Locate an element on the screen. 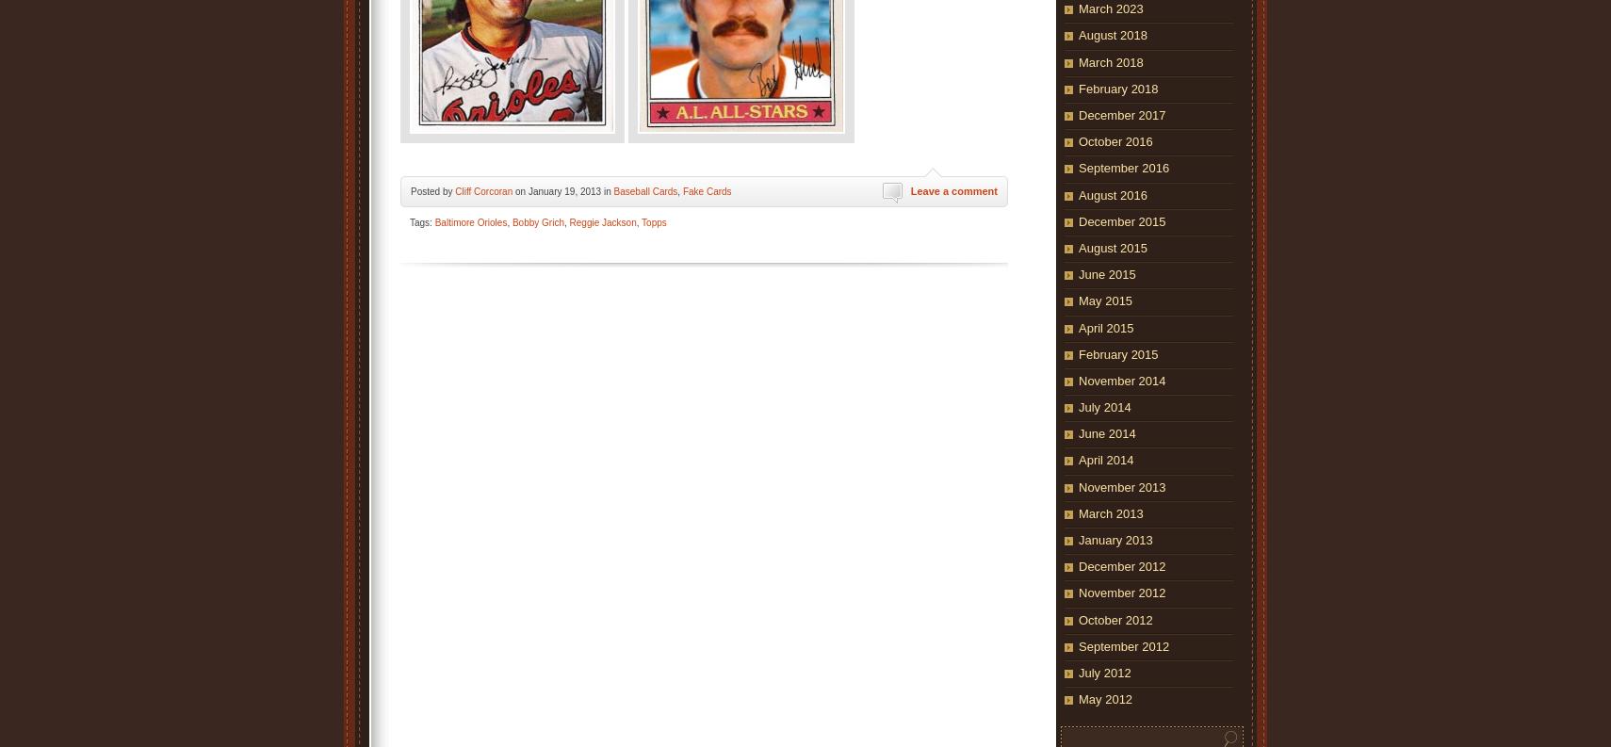 The height and width of the screenshot is (747, 1611). 'August 2015' is located at coordinates (1112, 247).